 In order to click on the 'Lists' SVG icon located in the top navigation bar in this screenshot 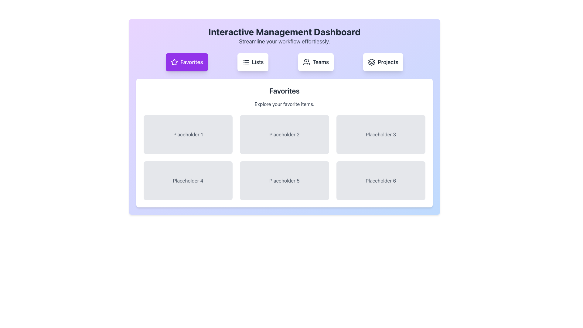, I will do `click(246, 62)`.